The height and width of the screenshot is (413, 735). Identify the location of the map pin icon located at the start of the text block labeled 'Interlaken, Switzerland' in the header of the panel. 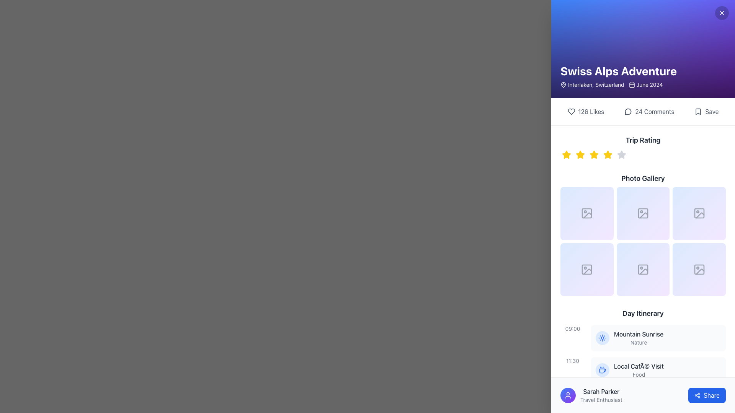
(563, 85).